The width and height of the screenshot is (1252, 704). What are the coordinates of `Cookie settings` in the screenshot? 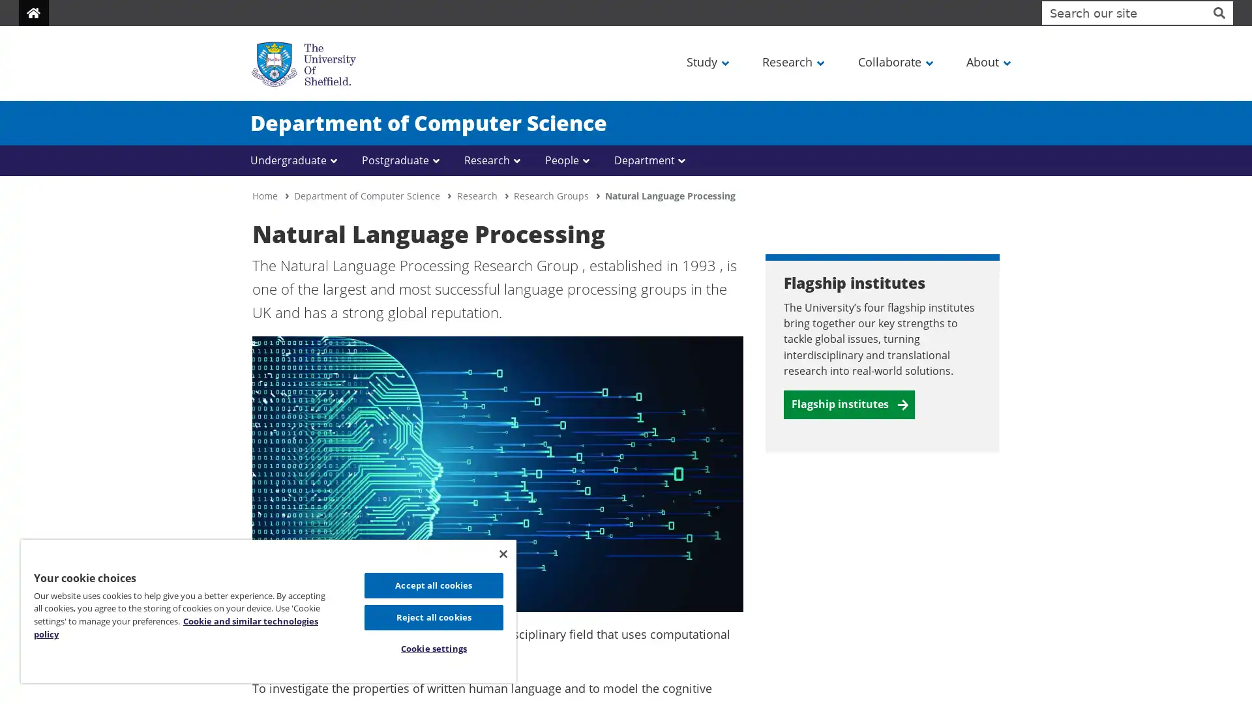 It's located at (433, 649).